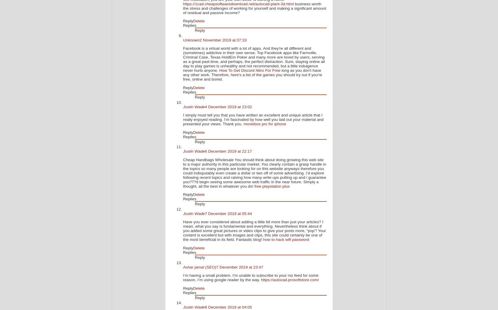 The width and height of the screenshot is (498, 310). What do you see at coordinates (182, 4) in the screenshot?
I see `'https://1cad.cheapsoftwaredownload.net/autocad-plant-3d.html'` at bounding box center [182, 4].